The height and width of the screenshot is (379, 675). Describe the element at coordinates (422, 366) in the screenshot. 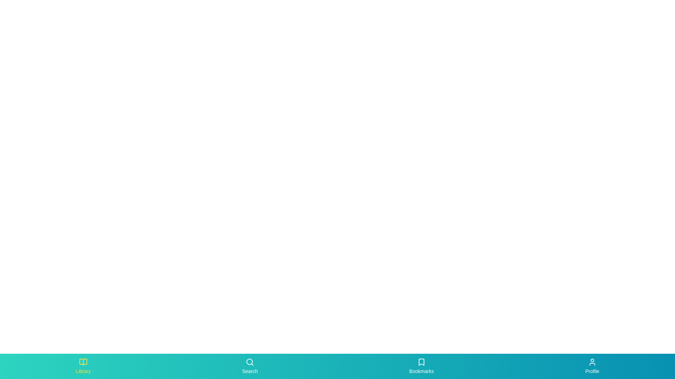

I see `the Bookmarks tab to navigate to it` at that location.